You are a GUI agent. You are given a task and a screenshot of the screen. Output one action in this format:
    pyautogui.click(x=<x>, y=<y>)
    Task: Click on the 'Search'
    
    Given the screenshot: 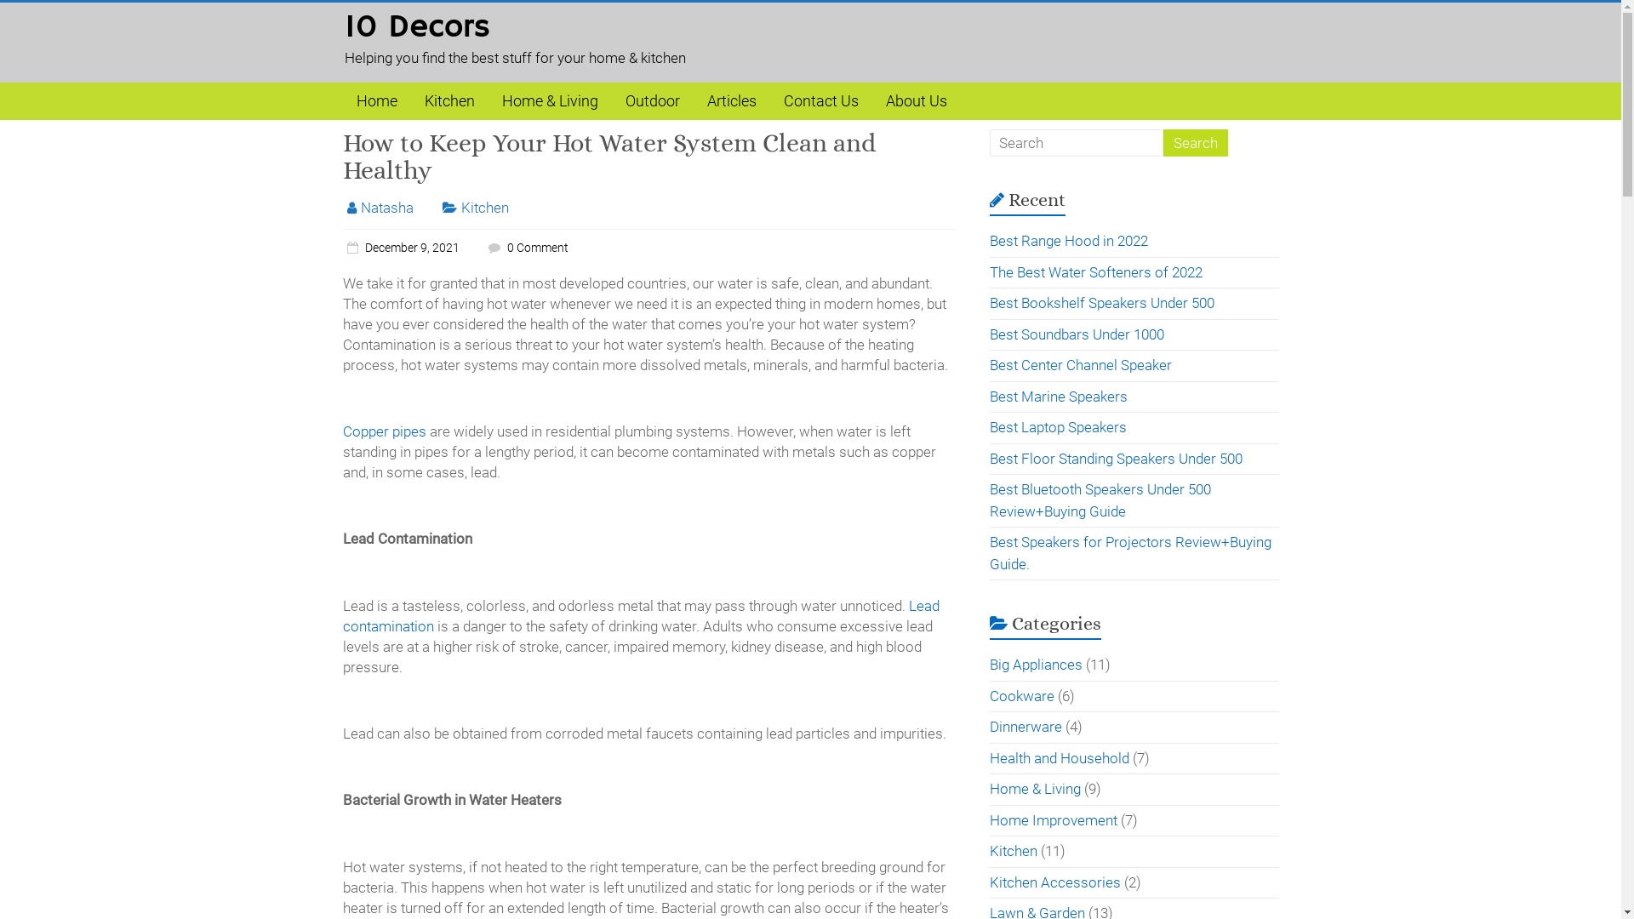 What is the action you would take?
    pyautogui.click(x=1193, y=142)
    